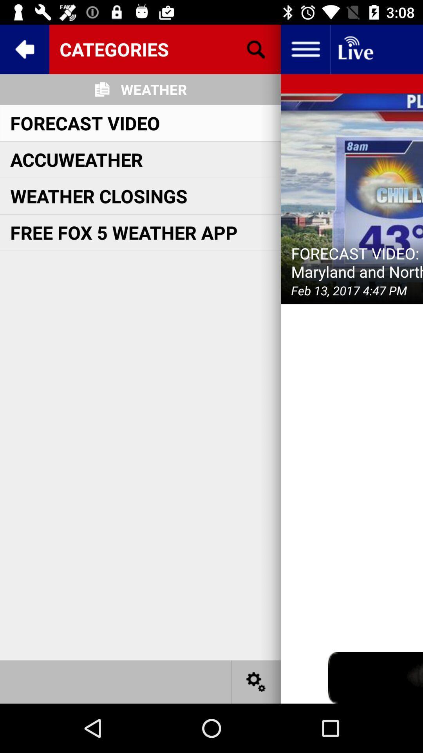 The image size is (423, 753). I want to click on weather closings icon, so click(98, 196).